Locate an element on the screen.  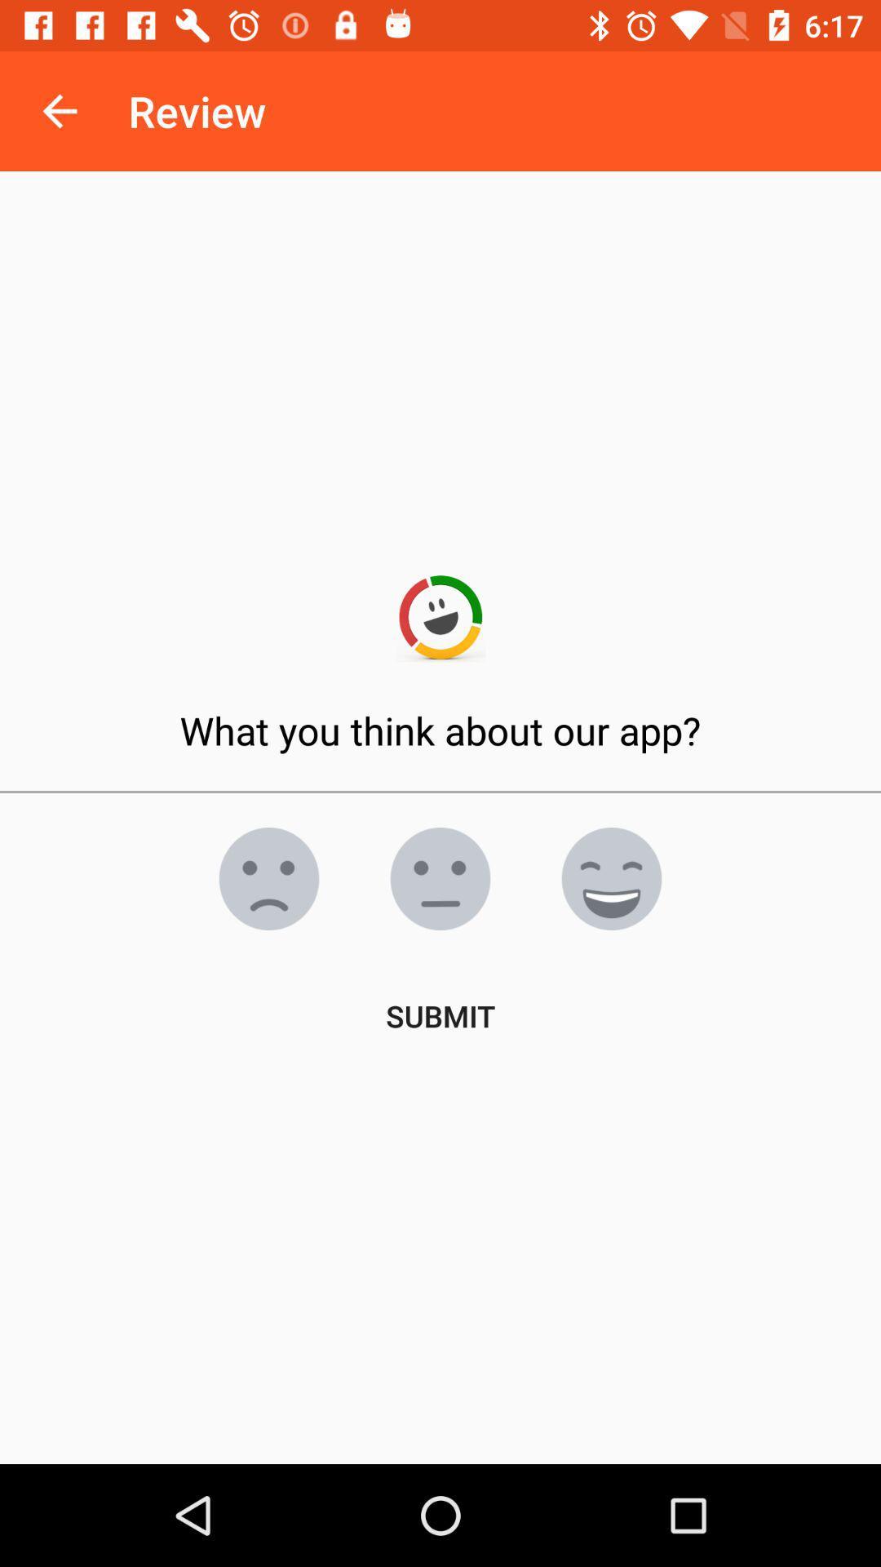
item on the left is located at coordinates (268, 877).